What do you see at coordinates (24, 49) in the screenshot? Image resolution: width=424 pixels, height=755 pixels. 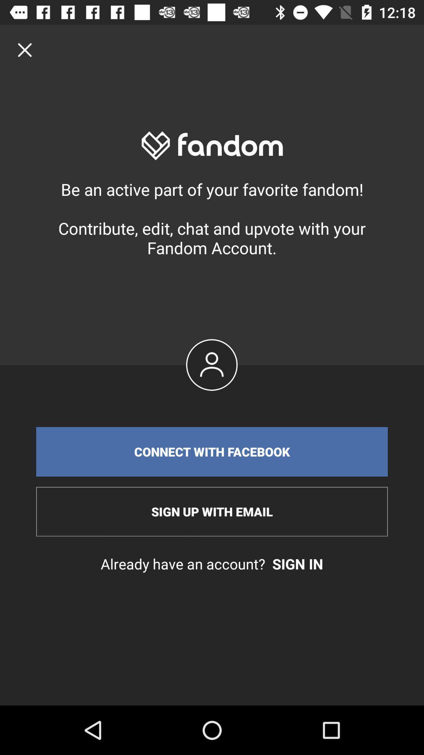 I see `click close` at bounding box center [24, 49].